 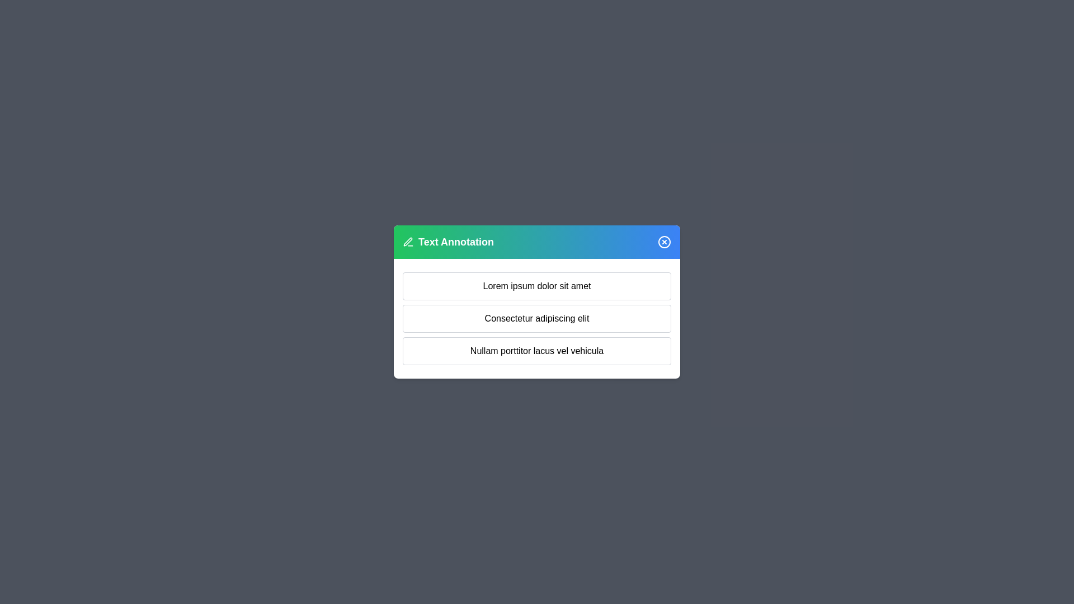 I want to click on the text block Consectetur adipiscing elit for annotation, so click(x=537, y=319).